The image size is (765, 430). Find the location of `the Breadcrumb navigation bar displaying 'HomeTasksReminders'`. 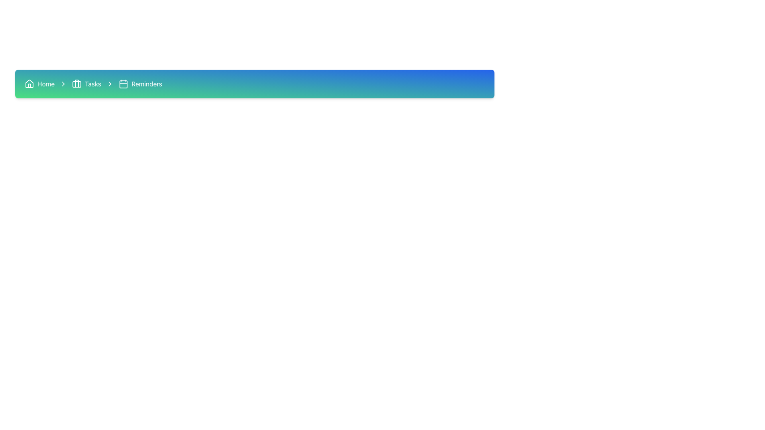

the Breadcrumb navigation bar displaying 'HomeTasksReminders' is located at coordinates (254, 84).